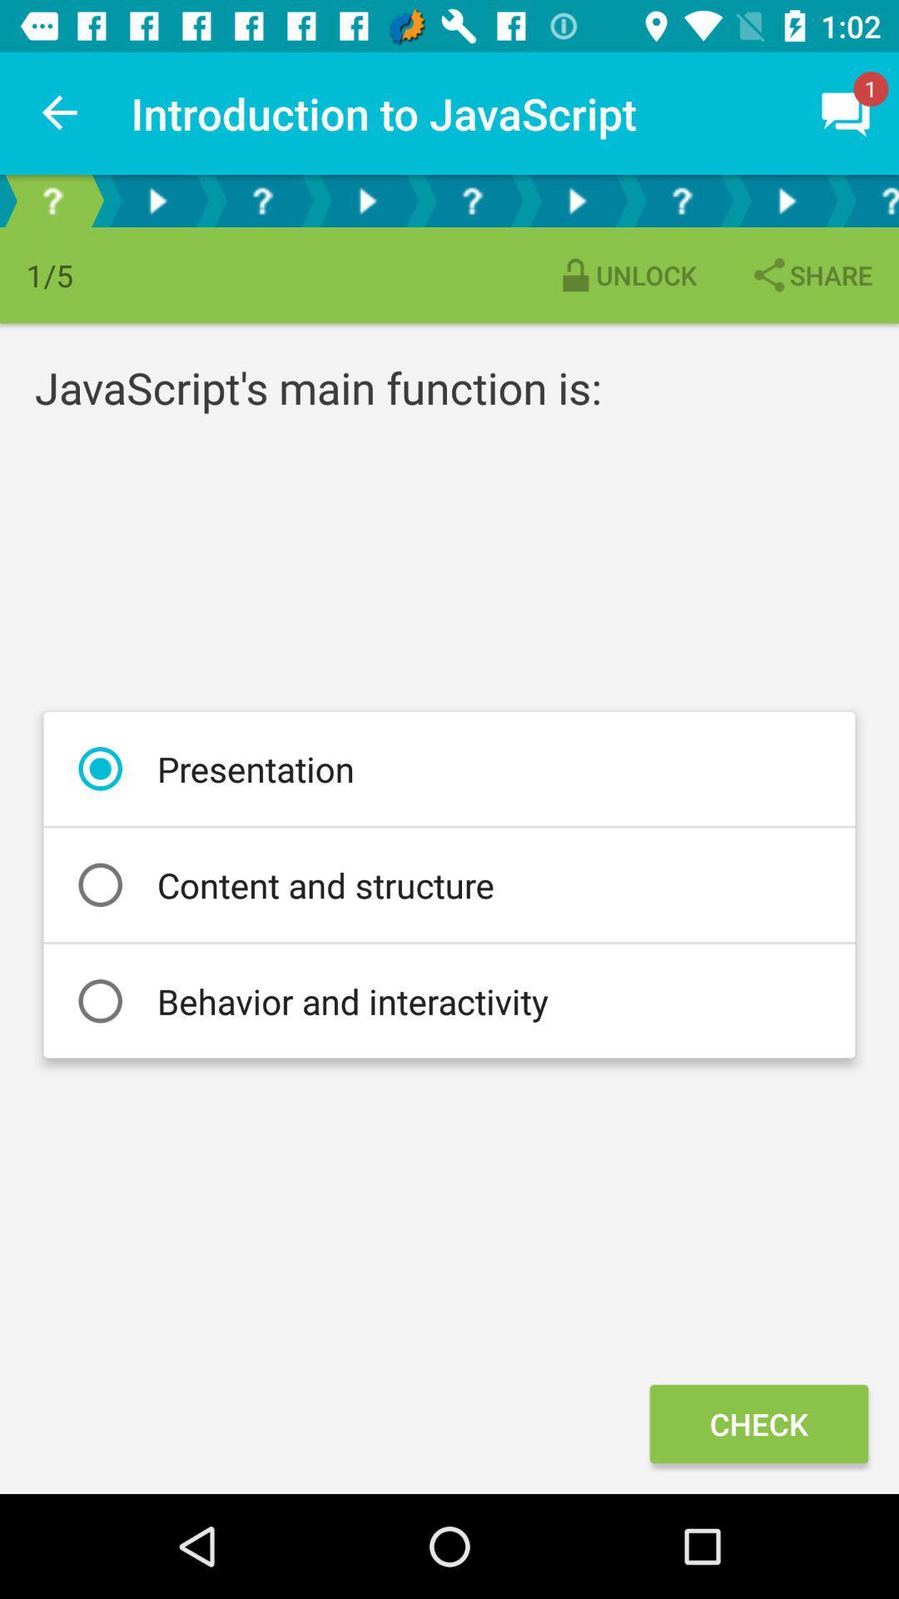  Describe the element at coordinates (157, 200) in the screenshot. I see `proceed to next segment` at that location.